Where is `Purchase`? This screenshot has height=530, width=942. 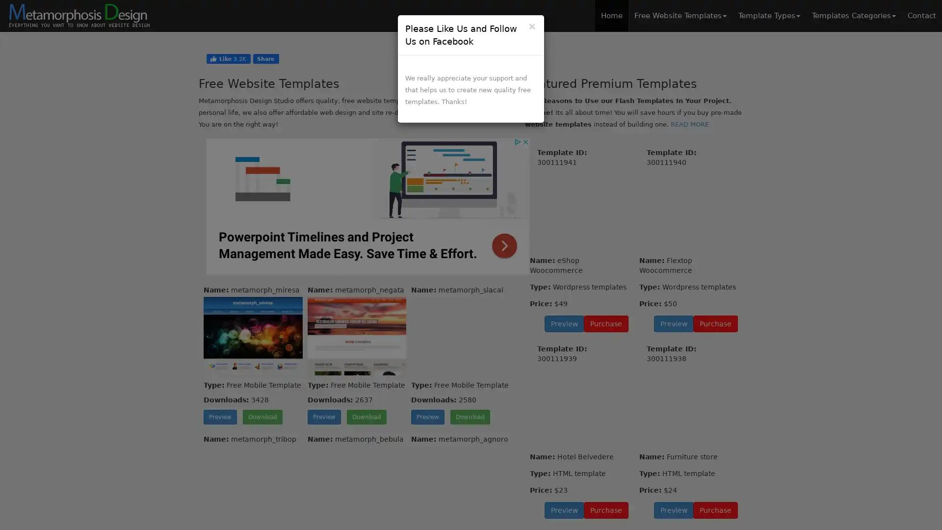 Purchase is located at coordinates (715, 323).